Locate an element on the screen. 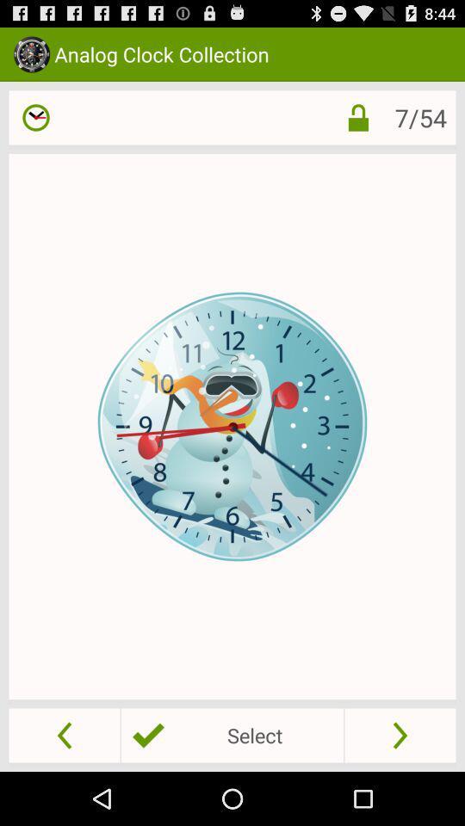  select is located at coordinates (232, 734).